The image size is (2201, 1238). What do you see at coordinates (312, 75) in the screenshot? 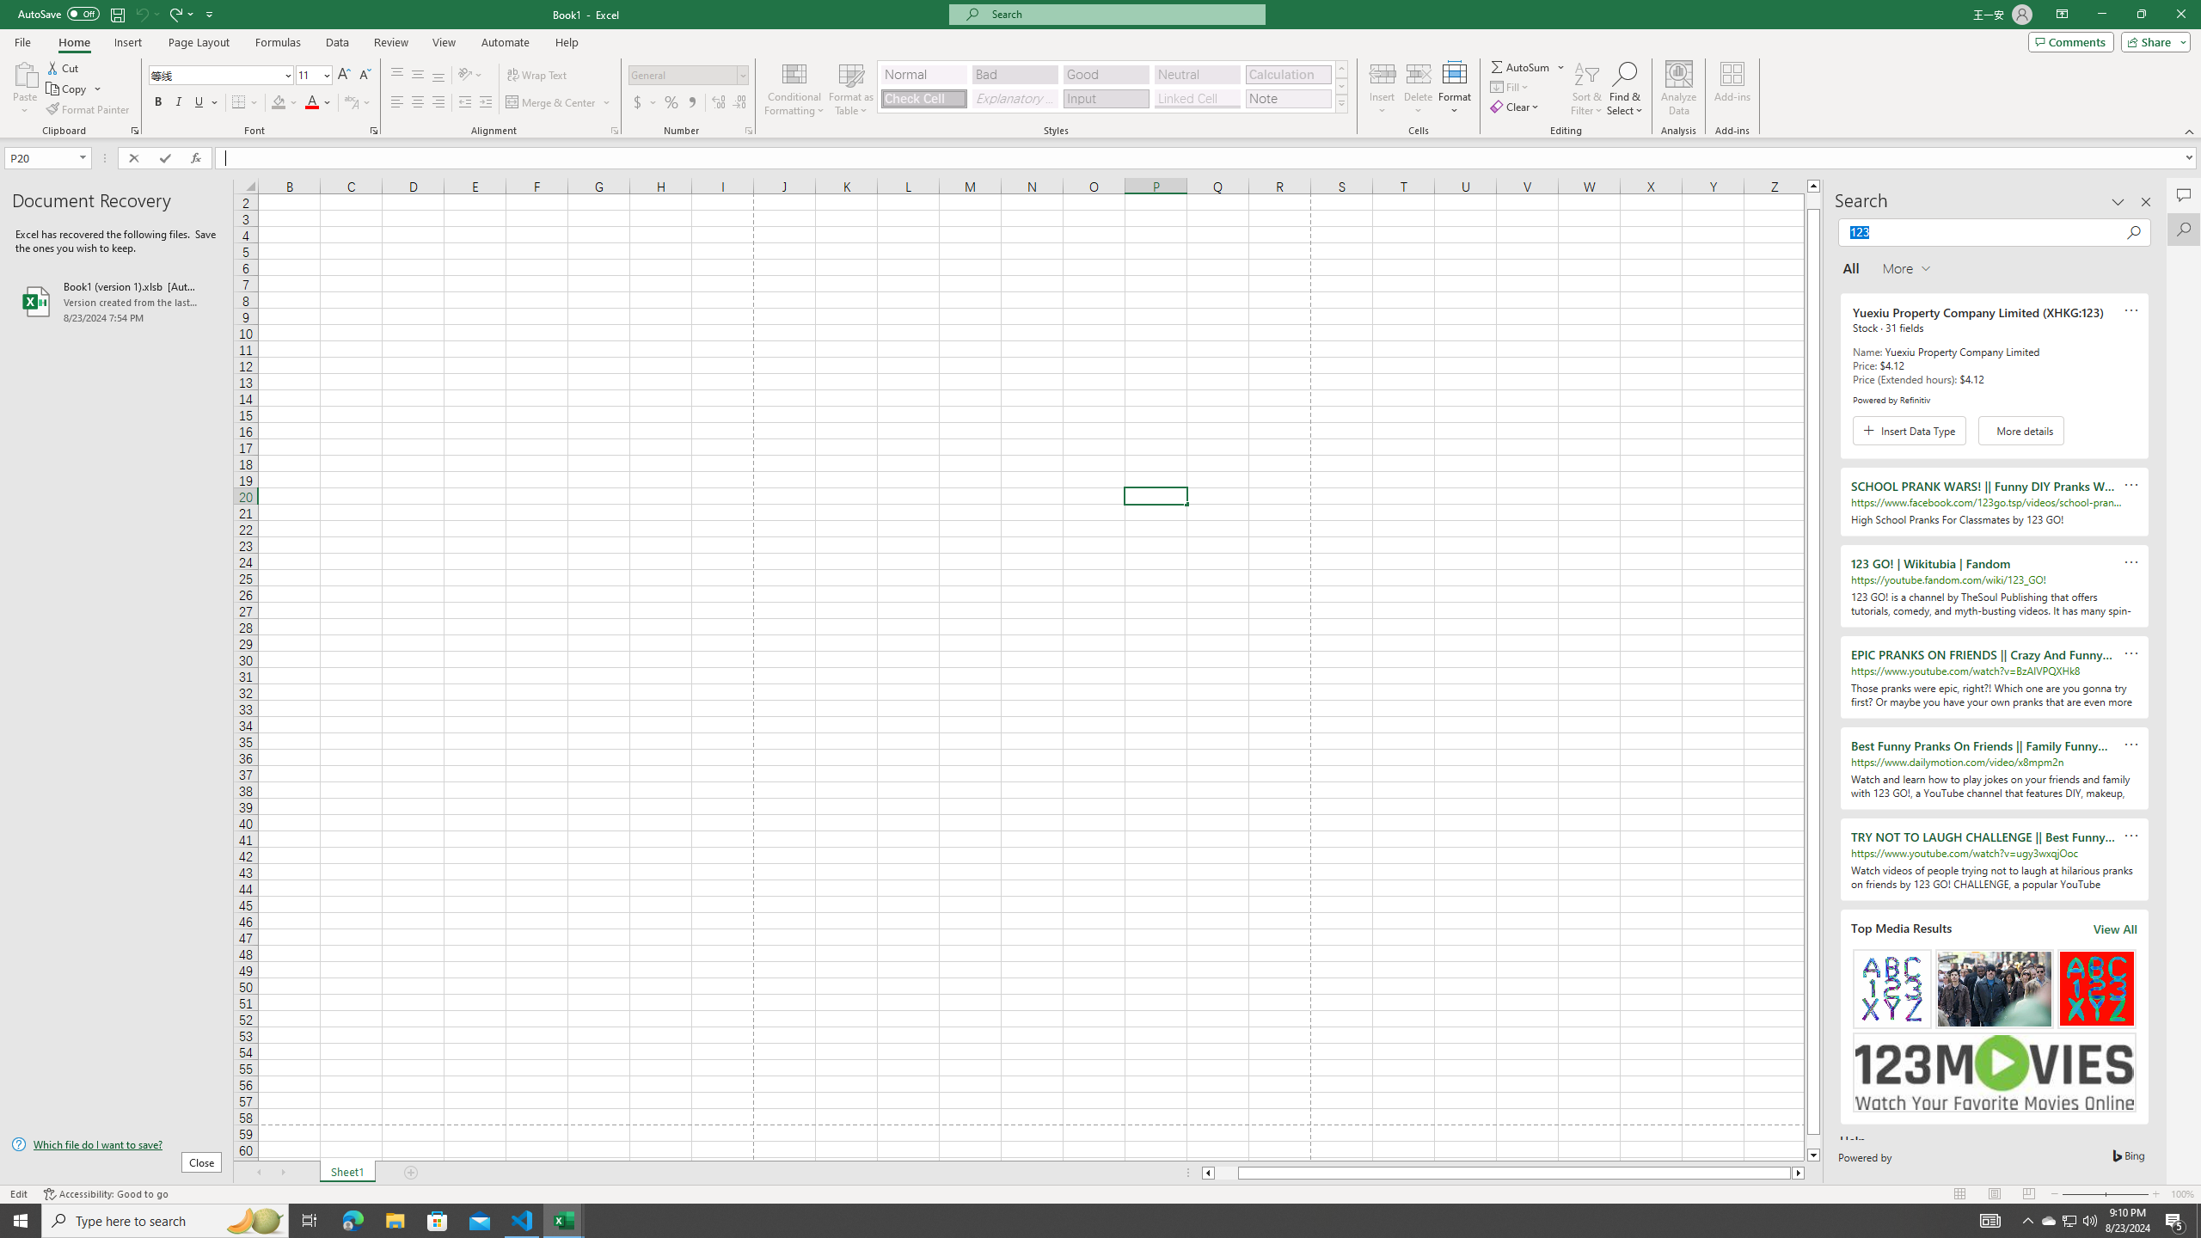
I see `'Font Size'` at bounding box center [312, 75].